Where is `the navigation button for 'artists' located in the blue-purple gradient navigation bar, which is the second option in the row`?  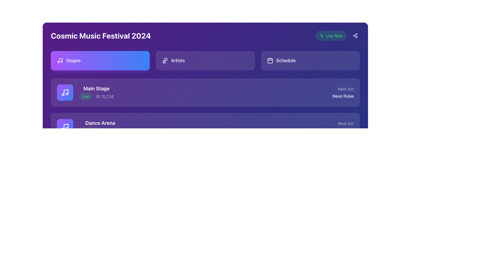
the navigation button for 'artists' located in the blue-purple gradient navigation bar, which is the second option in the row is located at coordinates (205, 60).